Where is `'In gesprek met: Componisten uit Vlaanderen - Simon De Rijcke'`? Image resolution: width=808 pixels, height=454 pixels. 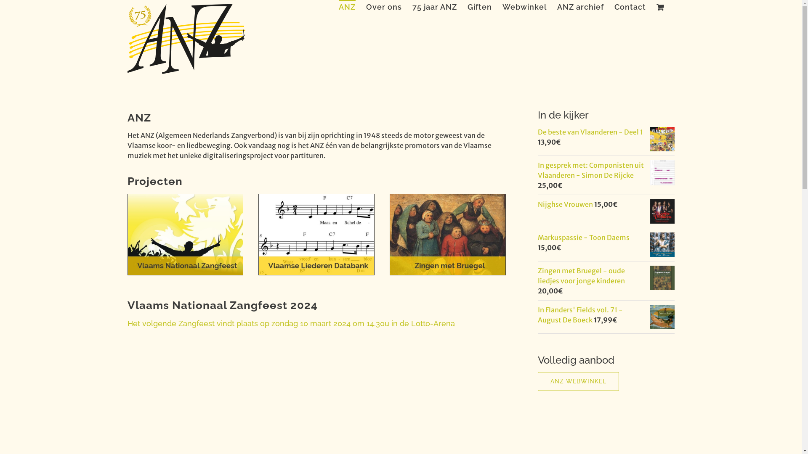
'In gesprek met: Componisten uit Vlaanderen - Simon De Rijcke' is located at coordinates (590, 170).